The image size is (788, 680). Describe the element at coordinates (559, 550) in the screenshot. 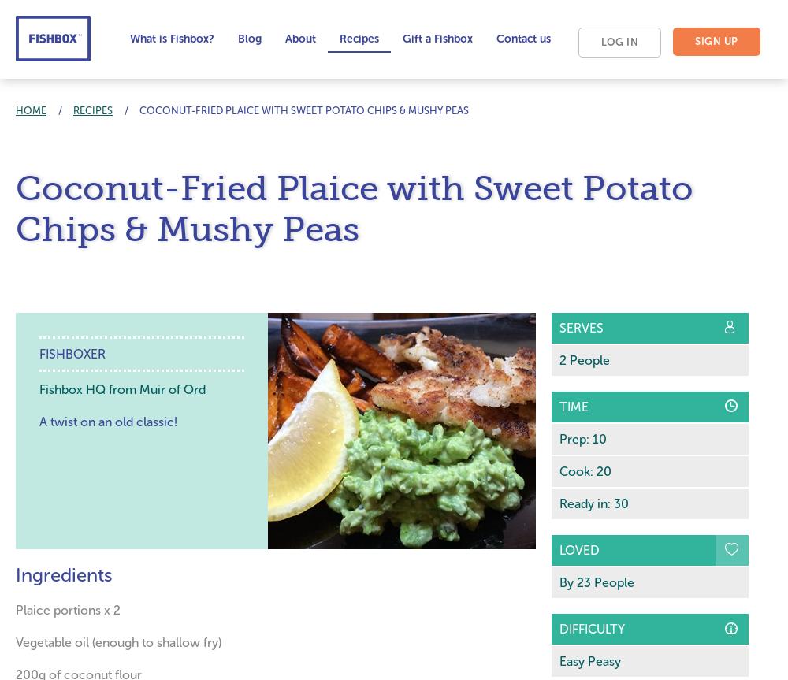

I see `'Loved'` at that location.